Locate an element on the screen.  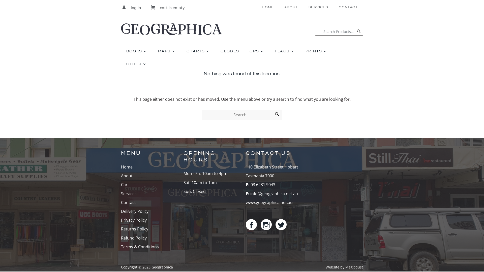
'03 6231 9043' is located at coordinates (262, 184).